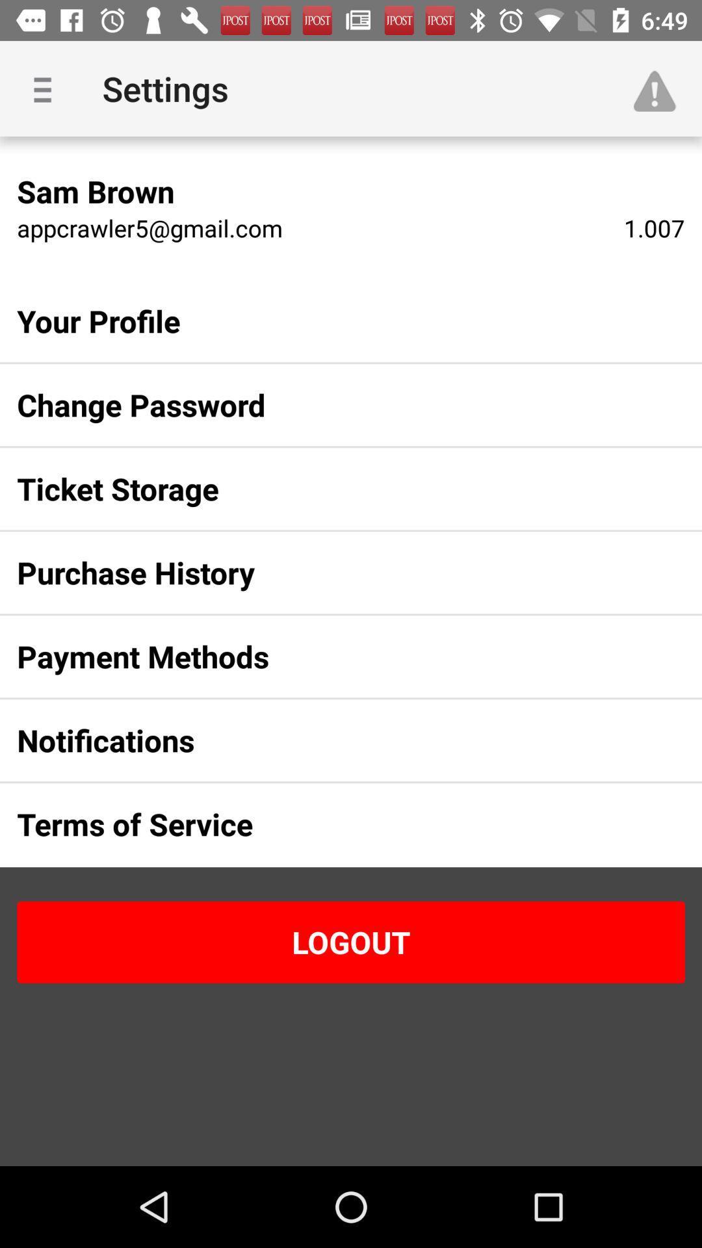  What do you see at coordinates (330, 572) in the screenshot?
I see `the purchase history item` at bounding box center [330, 572].